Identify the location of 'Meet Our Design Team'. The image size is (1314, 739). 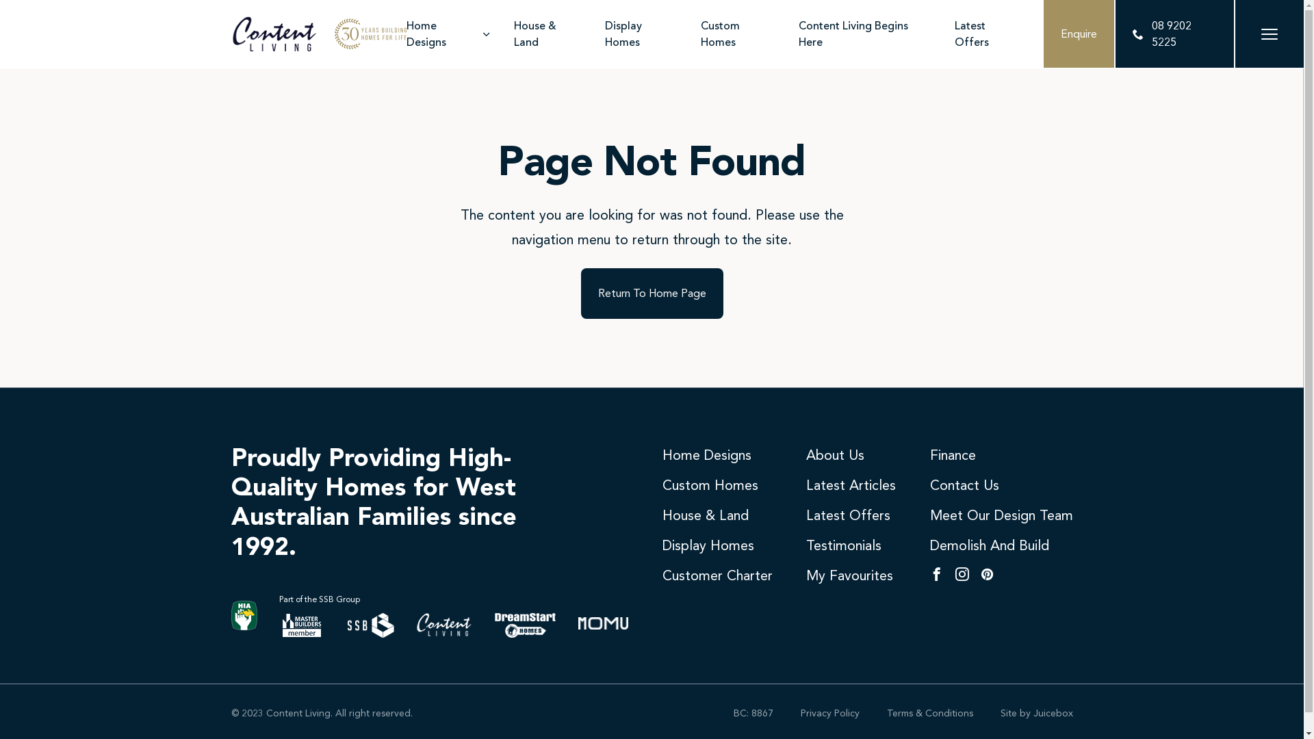
(929, 515).